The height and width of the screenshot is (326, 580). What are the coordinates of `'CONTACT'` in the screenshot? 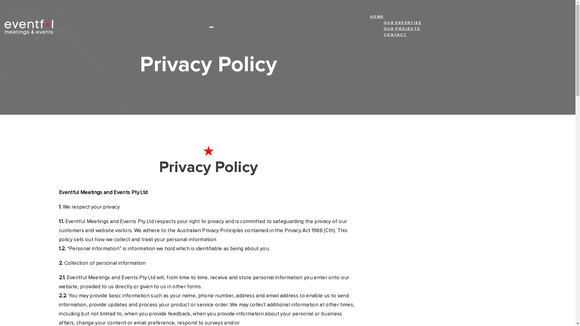 It's located at (402, 36).